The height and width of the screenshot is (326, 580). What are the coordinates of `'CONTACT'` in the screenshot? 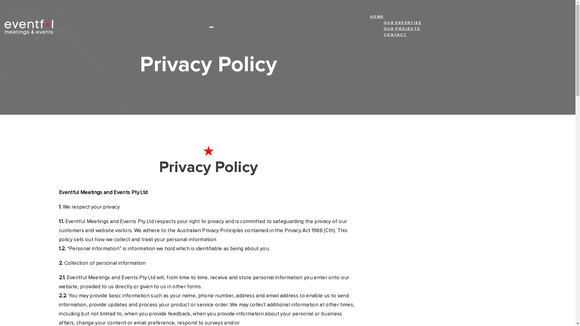 It's located at (402, 36).